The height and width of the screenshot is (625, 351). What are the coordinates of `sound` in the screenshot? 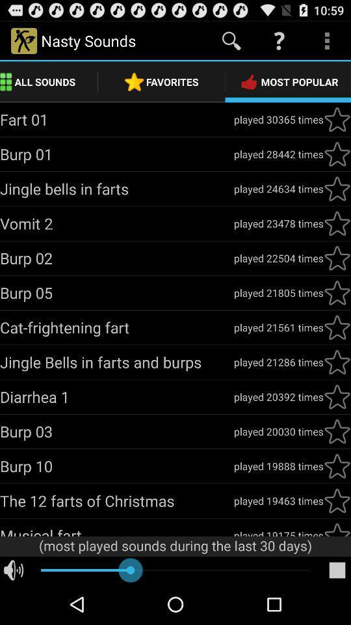 It's located at (337, 257).